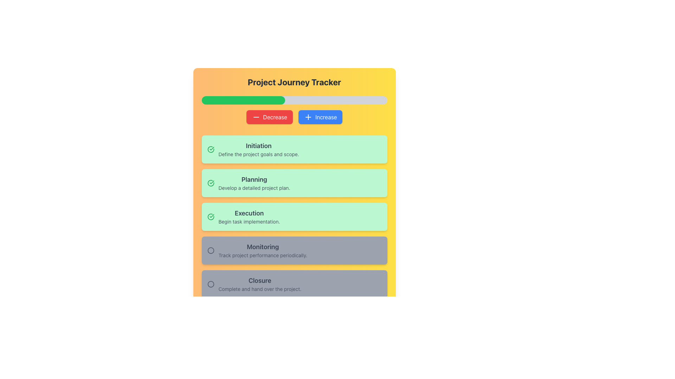  I want to click on the informative text element that provides details or instructions related to the preceding label 'Closure', located at the bottom-most list of tasks in the interface, so click(259, 289).